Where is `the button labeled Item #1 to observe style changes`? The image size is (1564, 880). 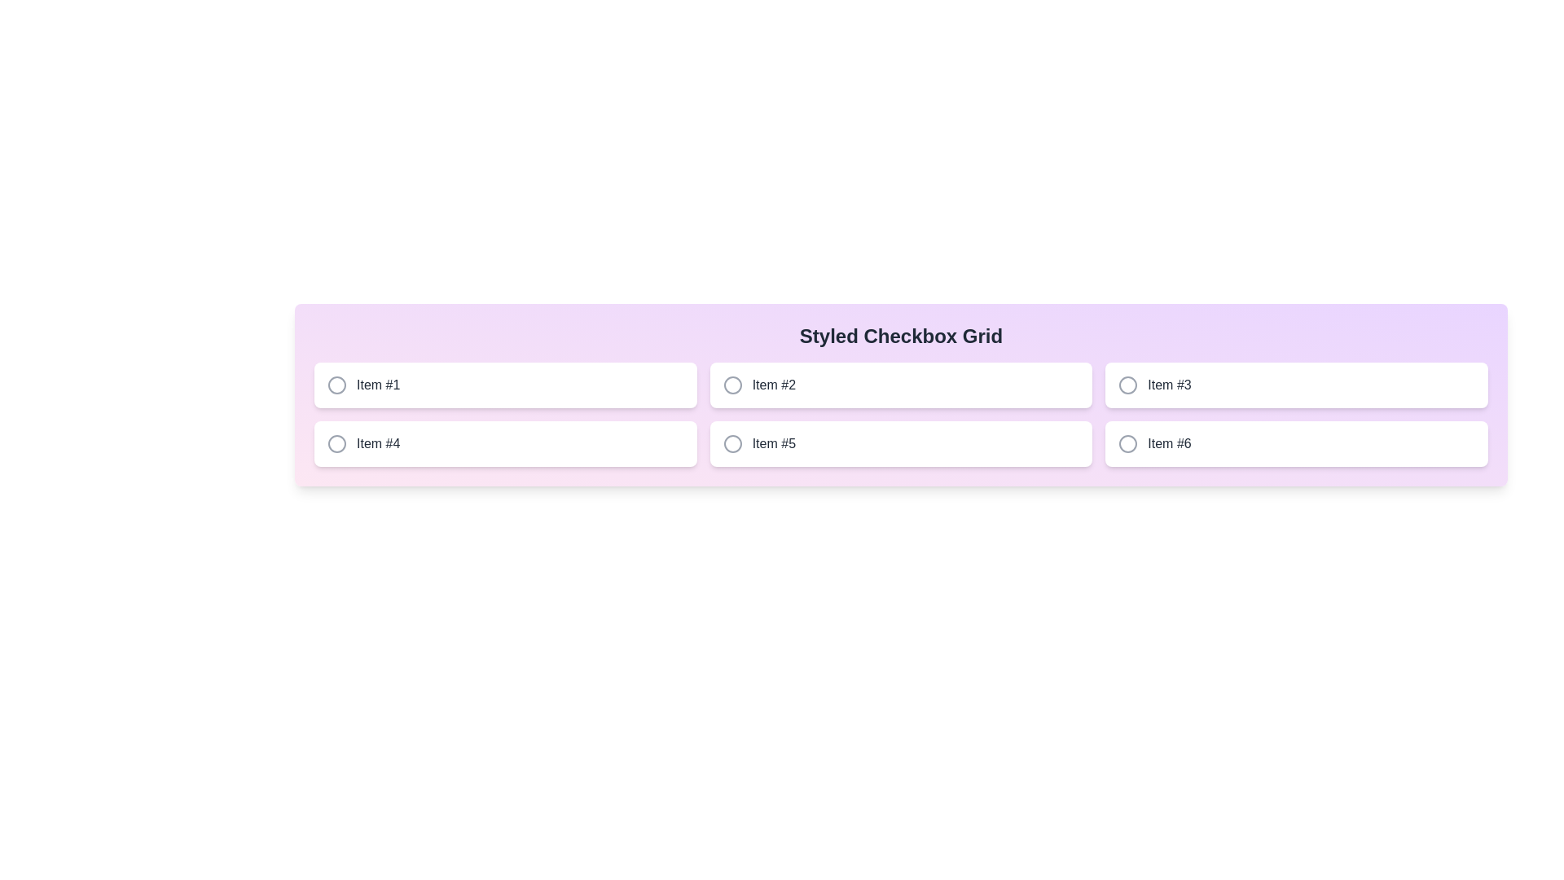 the button labeled Item #1 to observe style changes is located at coordinates (503, 385).